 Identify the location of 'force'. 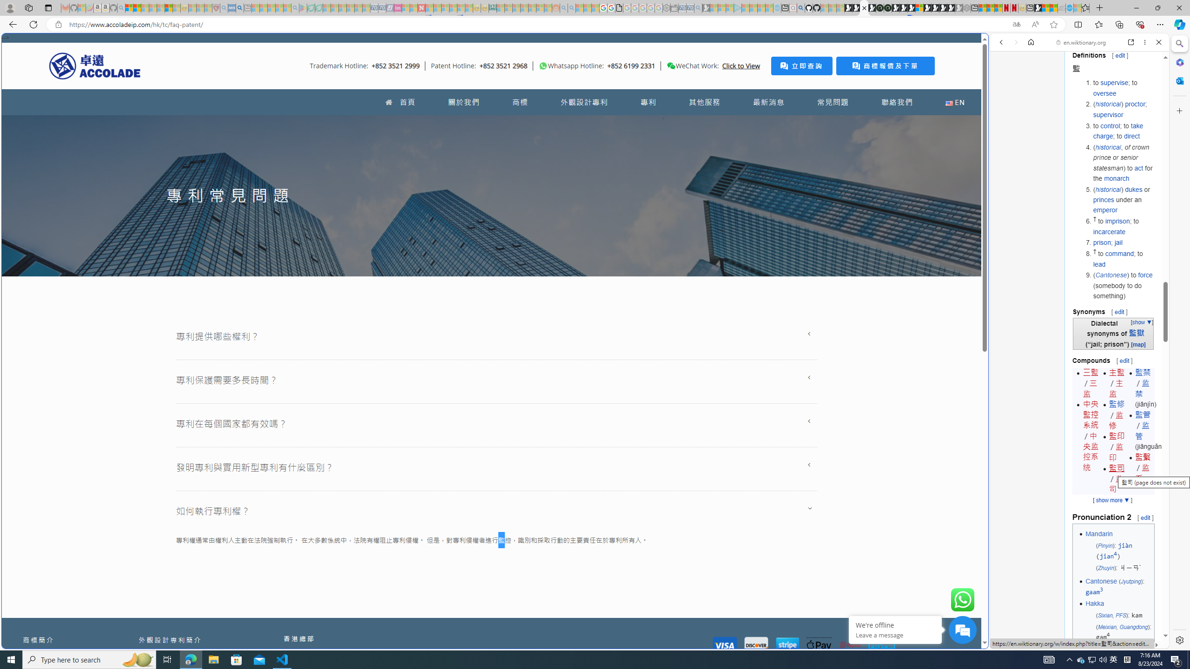
(1145, 275).